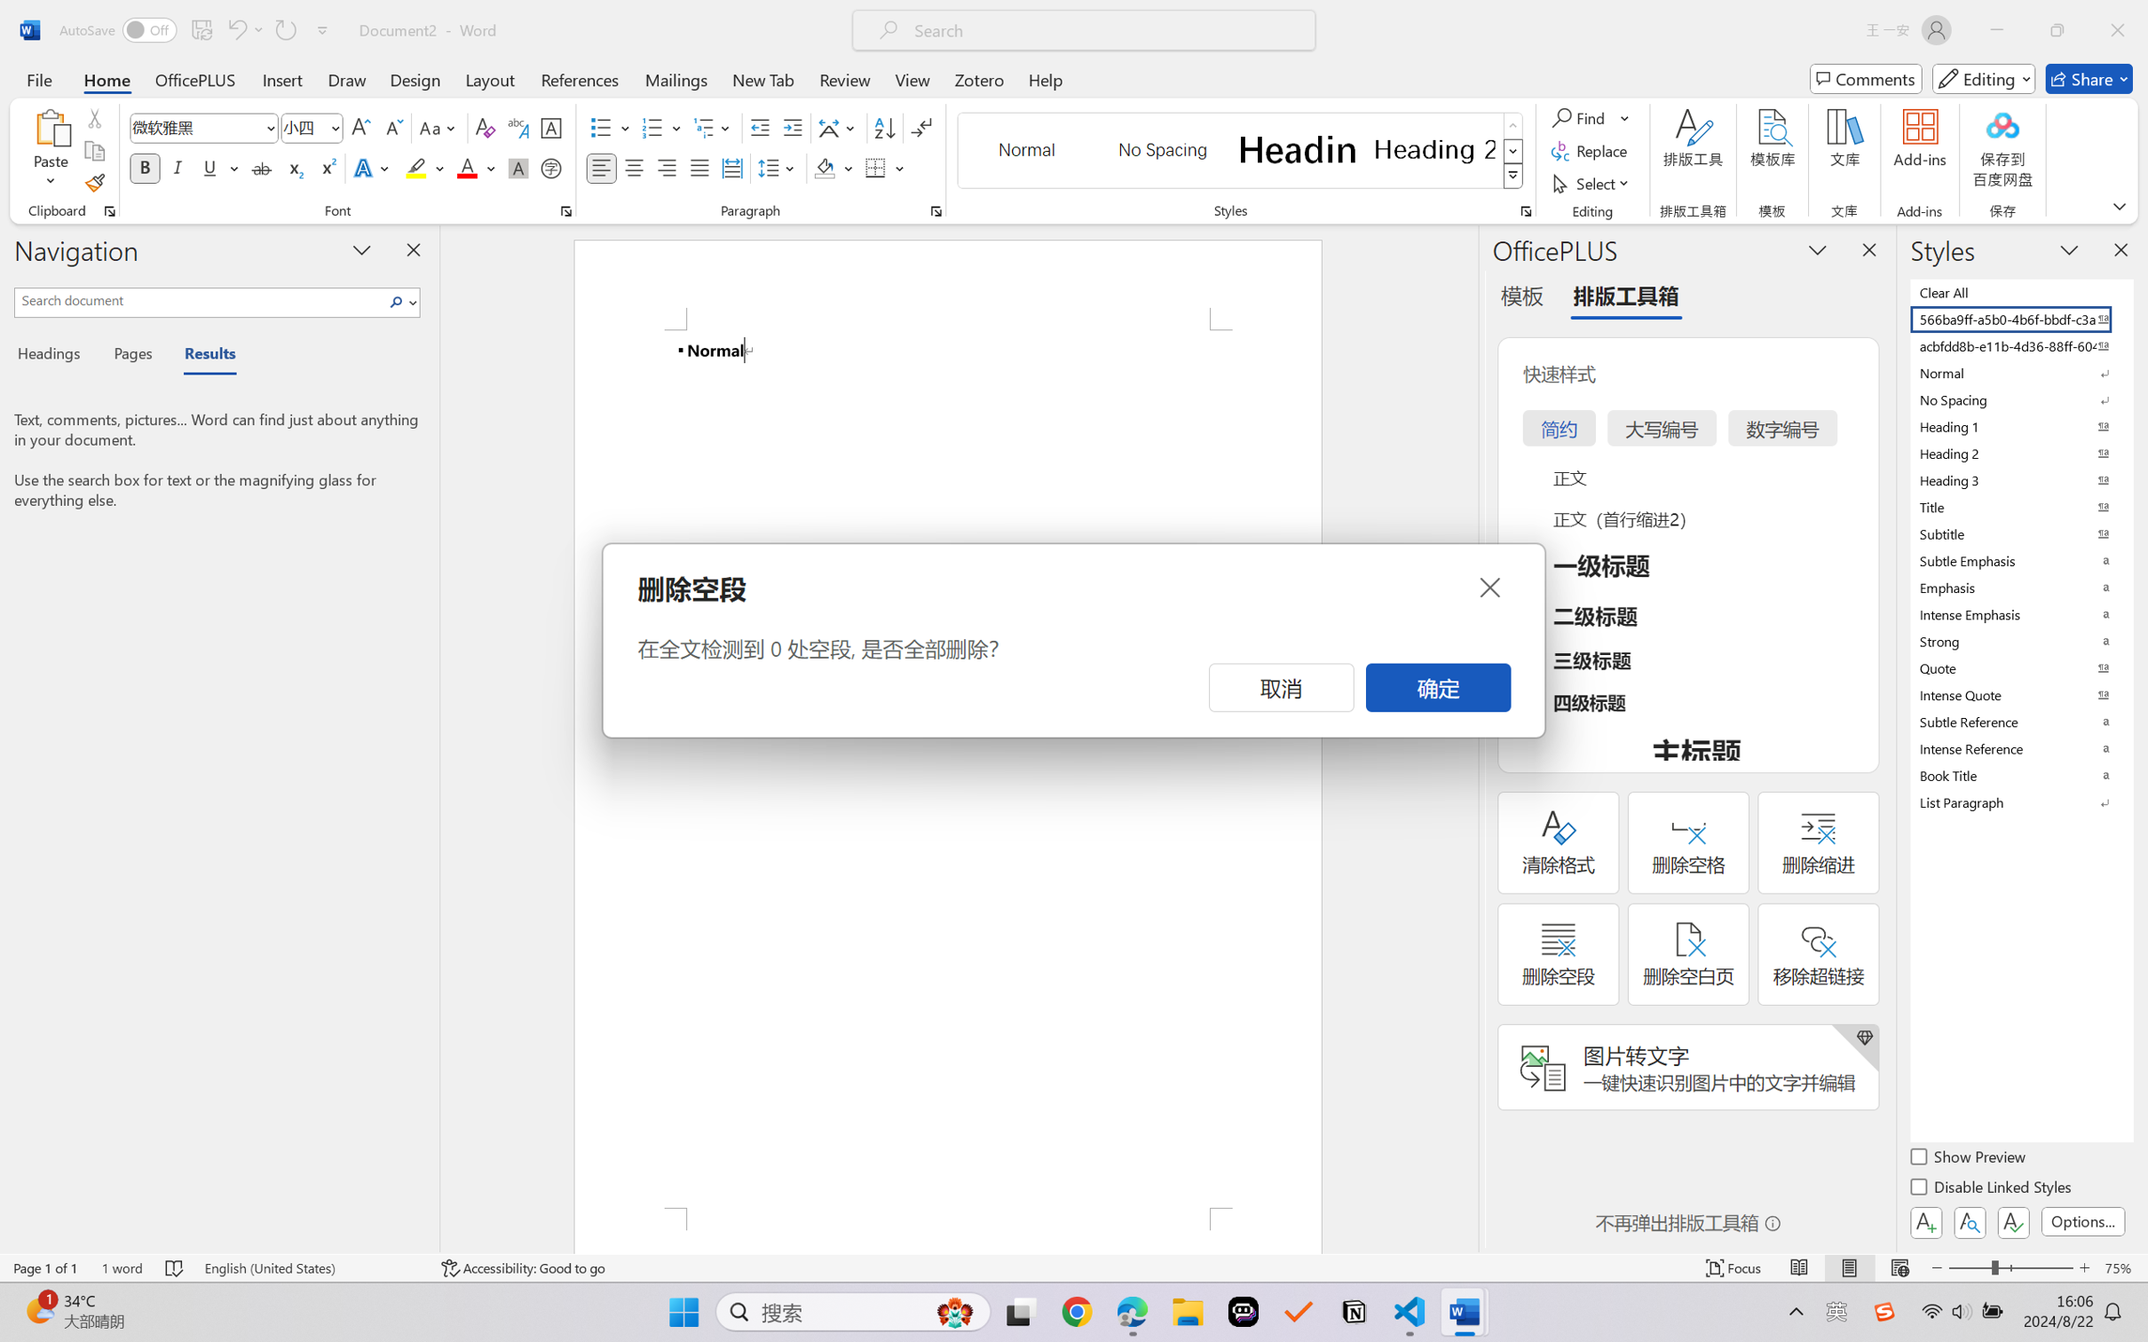 This screenshot has height=1342, width=2148. I want to click on 'Sort...', so click(884, 128).